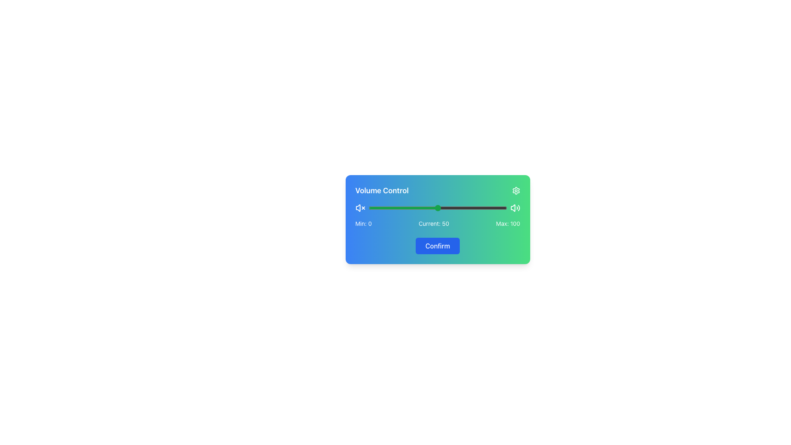  Describe the element at coordinates (363, 224) in the screenshot. I see `the 'Min: 0' text label, which is displayed in white on a blue background, located in the volume control component as the leftmost label among 'Current: 50' and 'Max: 100'` at that location.